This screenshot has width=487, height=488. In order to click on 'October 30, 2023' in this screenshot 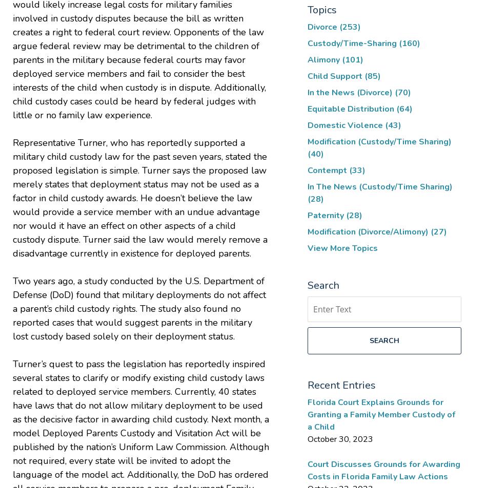, I will do `click(340, 439)`.